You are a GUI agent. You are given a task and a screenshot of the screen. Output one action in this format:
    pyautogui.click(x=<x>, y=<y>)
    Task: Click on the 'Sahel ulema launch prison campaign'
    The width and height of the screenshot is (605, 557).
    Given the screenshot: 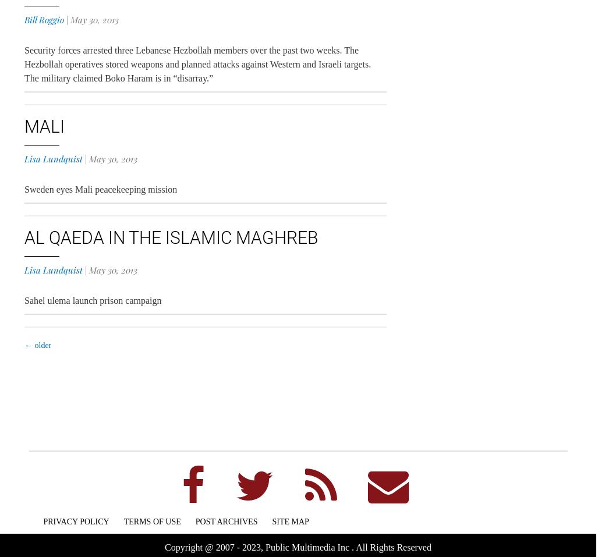 What is the action you would take?
    pyautogui.click(x=92, y=300)
    